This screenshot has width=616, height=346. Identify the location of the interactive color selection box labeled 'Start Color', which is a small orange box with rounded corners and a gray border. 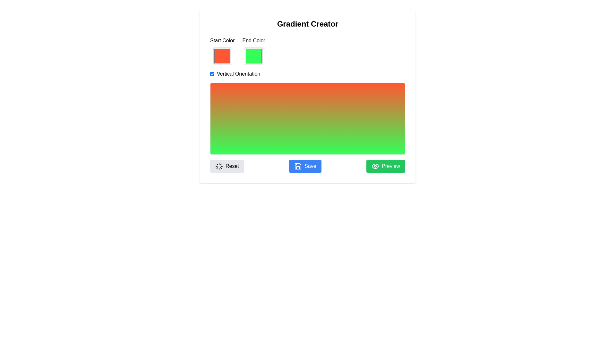
(222, 50).